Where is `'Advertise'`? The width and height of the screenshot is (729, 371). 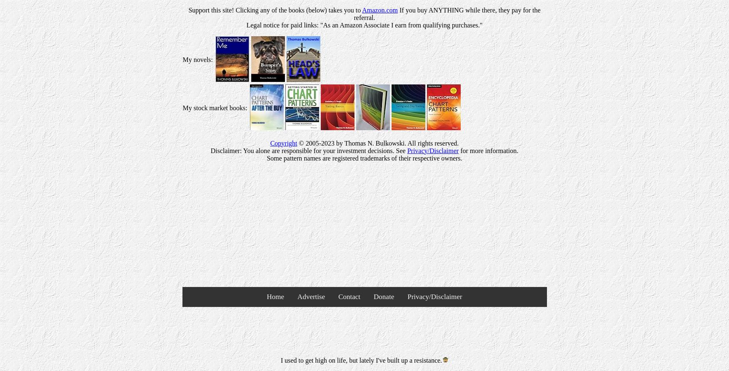 'Advertise' is located at coordinates (311, 296).